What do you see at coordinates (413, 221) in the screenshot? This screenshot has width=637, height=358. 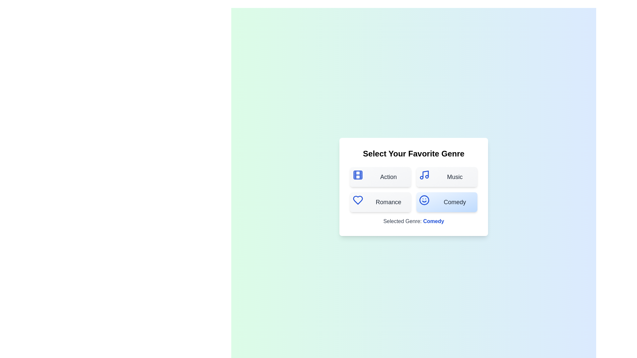 I see `the label displaying 'Selected Genre: Comedy', which is styled with a gray font and bold blue emphasis for 'Comedy', located beneath the genre selection buttons` at bounding box center [413, 221].